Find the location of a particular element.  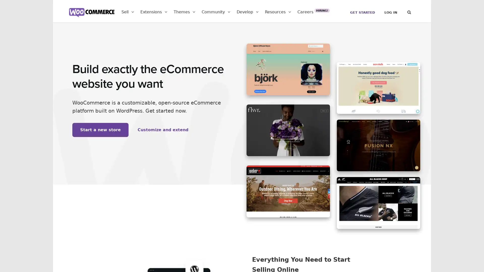

Search is located at coordinates (409, 12).